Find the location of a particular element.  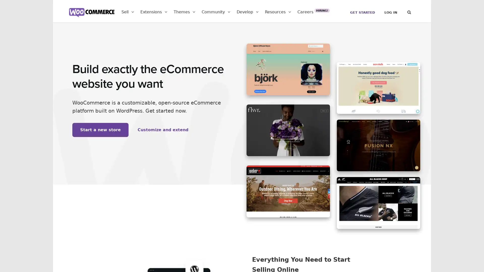

Search is located at coordinates (409, 12).